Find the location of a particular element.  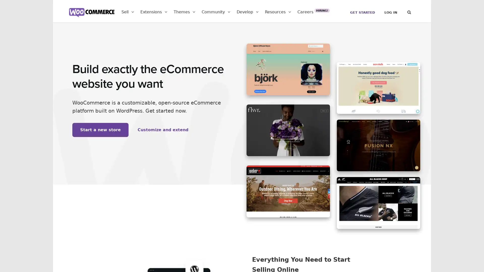

Search is located at coordinates (409, 12).